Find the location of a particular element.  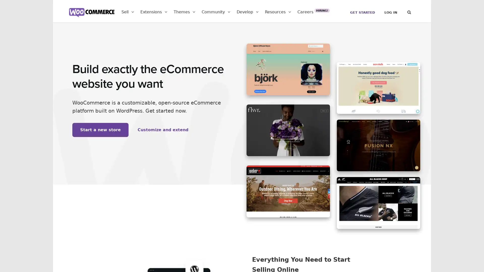

Search is located at coordinates (409, 12).